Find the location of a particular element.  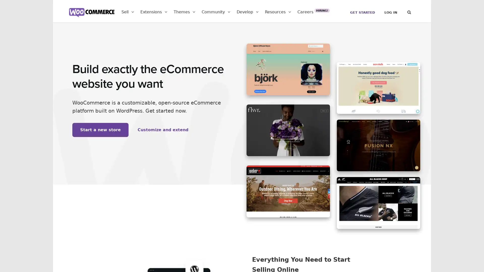

Search is located at coordinates (409, 12).